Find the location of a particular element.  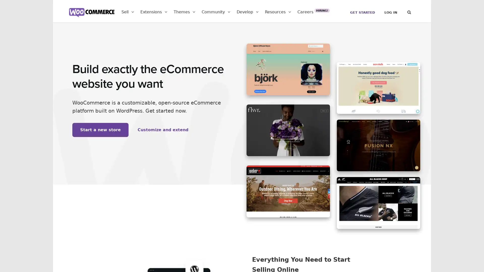

Search is located at coordinates (409, 12).